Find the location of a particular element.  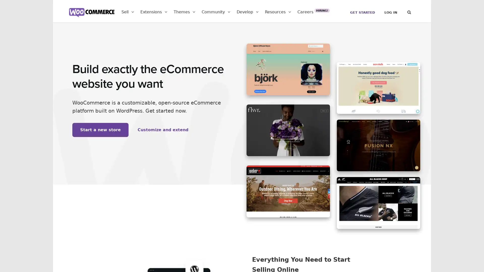

Search is located at coordinates (409, 12).